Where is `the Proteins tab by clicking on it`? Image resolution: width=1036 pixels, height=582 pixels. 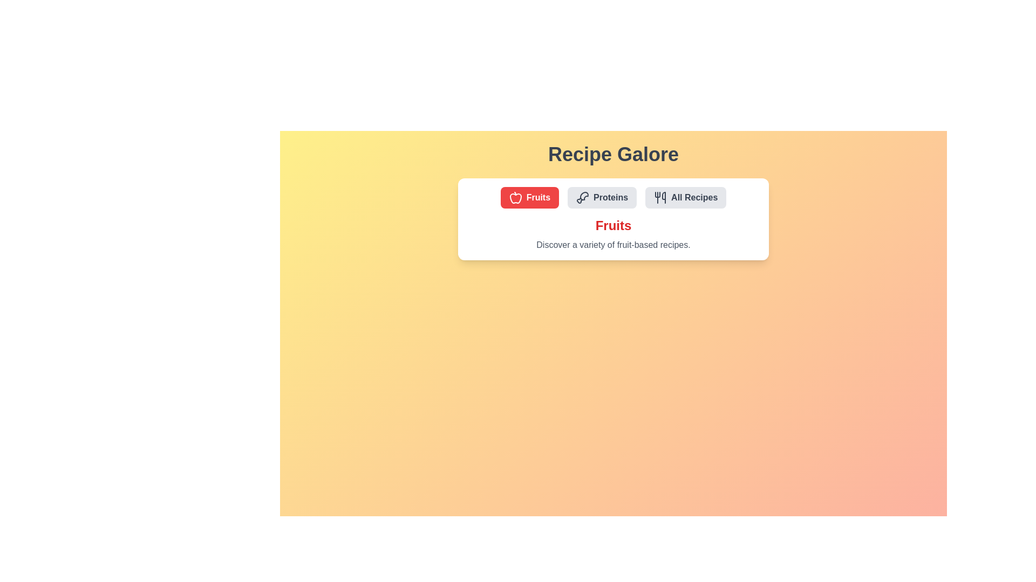 the Proteins tab by clicking on it is located at coordinates (602, 197).